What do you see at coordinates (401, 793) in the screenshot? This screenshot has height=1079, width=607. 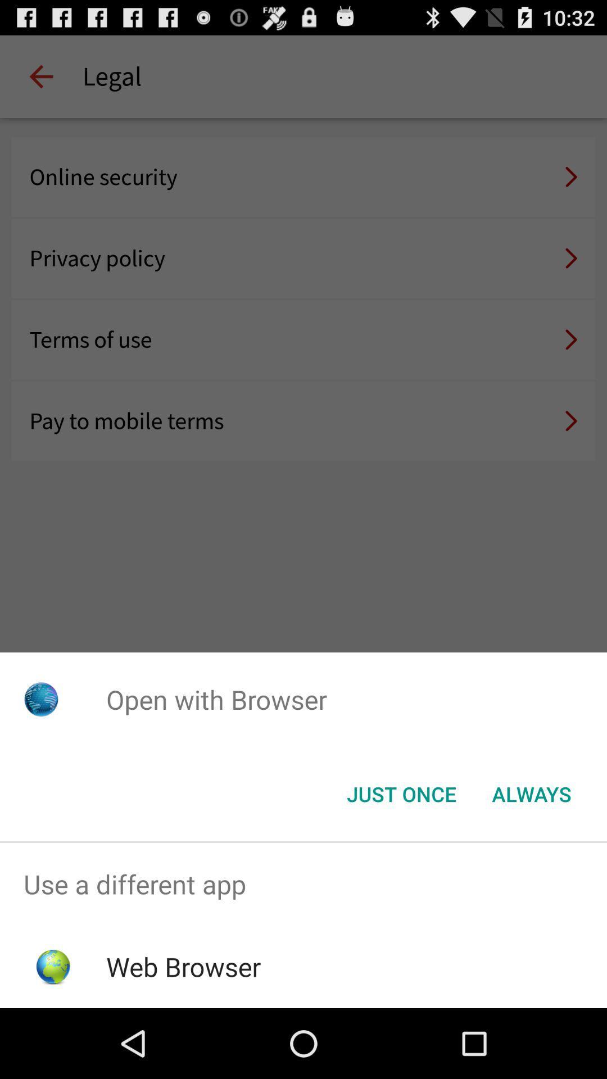 I see `just once icon` at bounding box center [401, 793].